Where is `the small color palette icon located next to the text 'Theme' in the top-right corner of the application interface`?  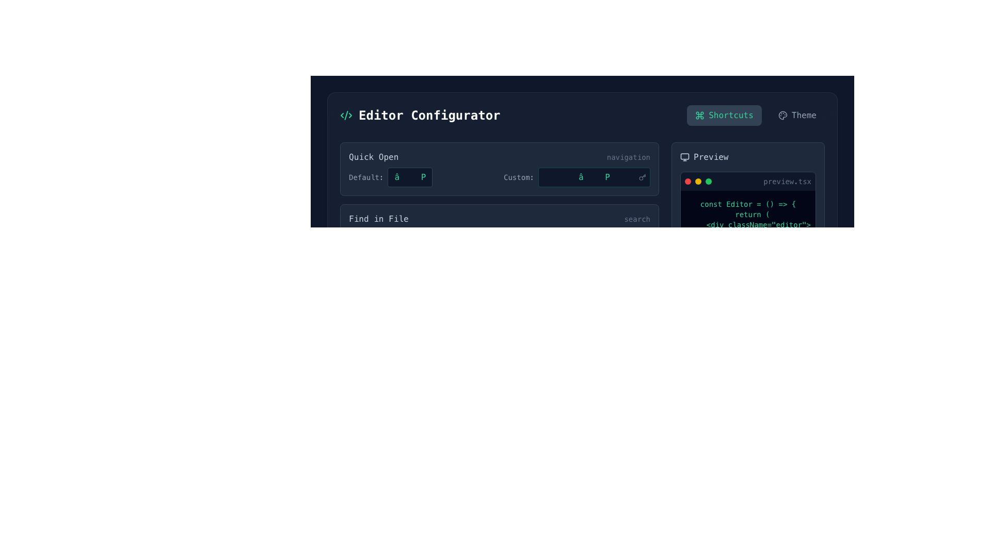 the small color palette icon located next to the text 'Theme' in the top-right corner of the application interface is located at coordinates (782, 115).